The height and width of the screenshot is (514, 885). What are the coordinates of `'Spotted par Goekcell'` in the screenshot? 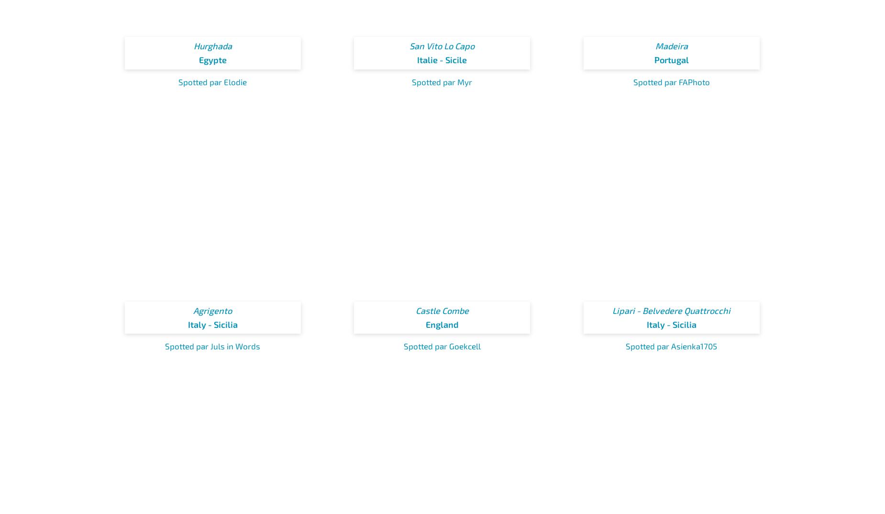 It's located at (442, 346).